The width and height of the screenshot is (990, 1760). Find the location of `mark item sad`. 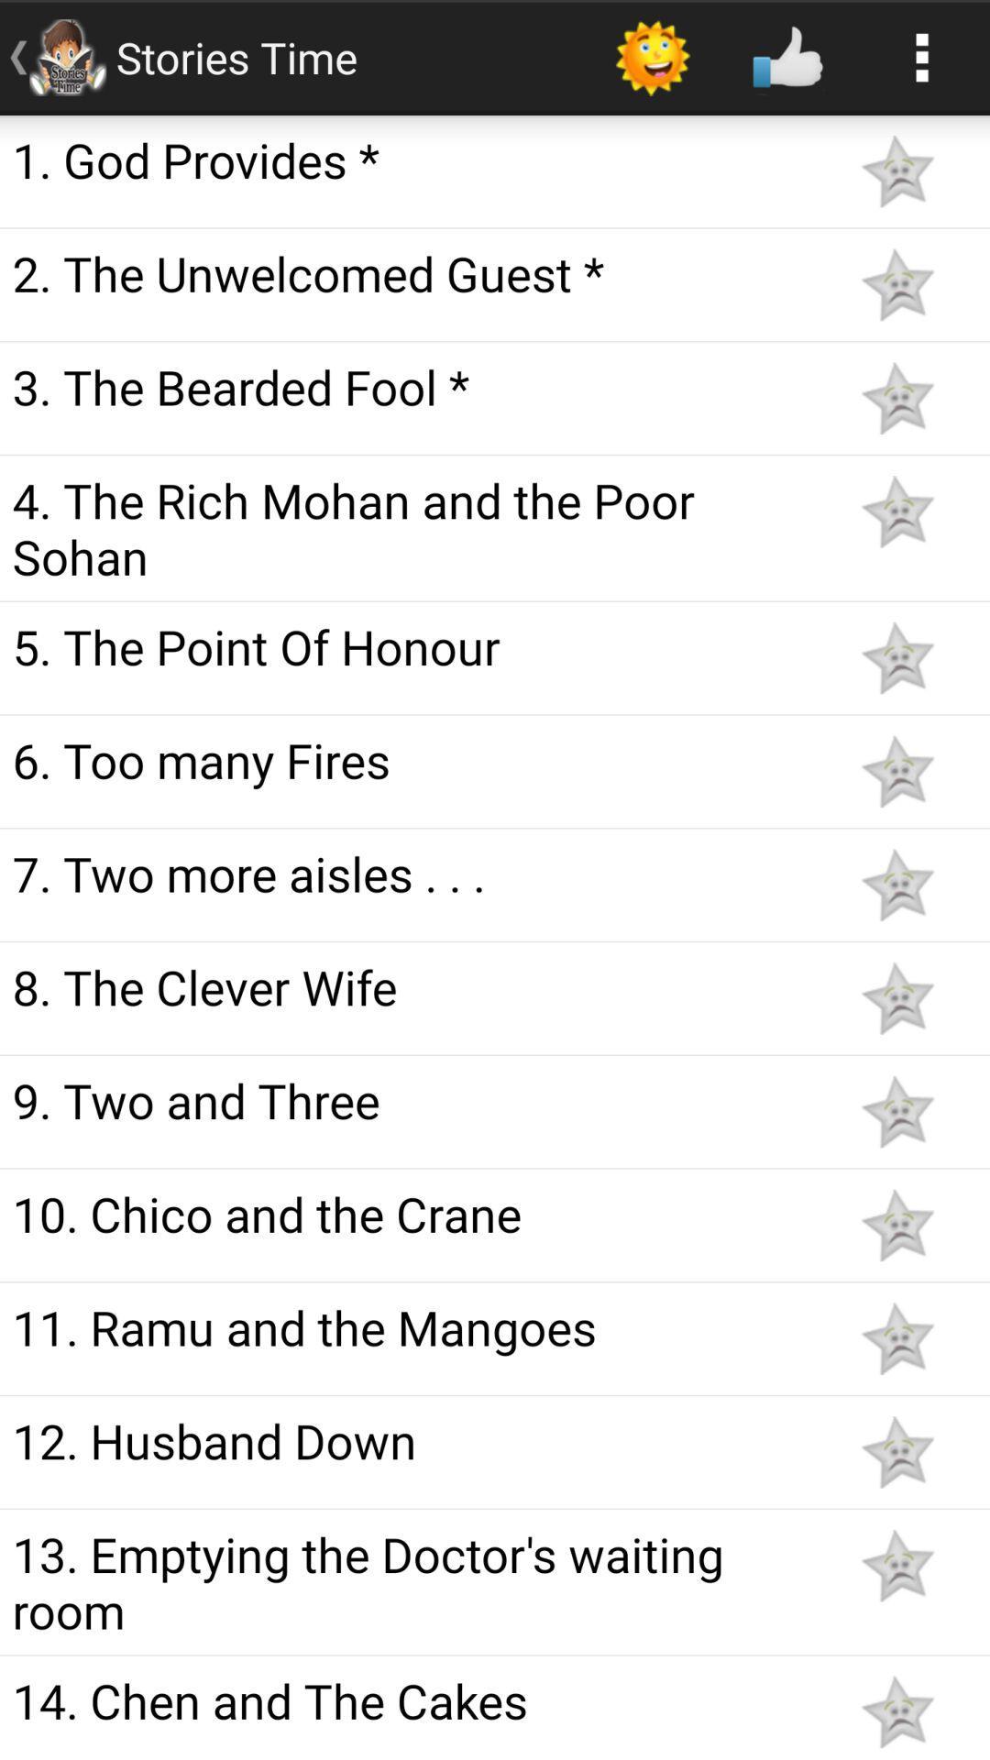

mark item sad is located at coordinates (896, 1710).